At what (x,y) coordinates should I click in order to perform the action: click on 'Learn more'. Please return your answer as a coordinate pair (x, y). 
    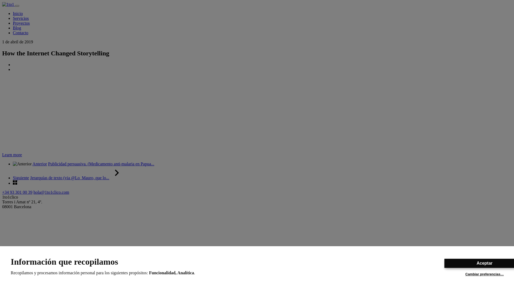
    Looking at the image, I should click on (12, 155).